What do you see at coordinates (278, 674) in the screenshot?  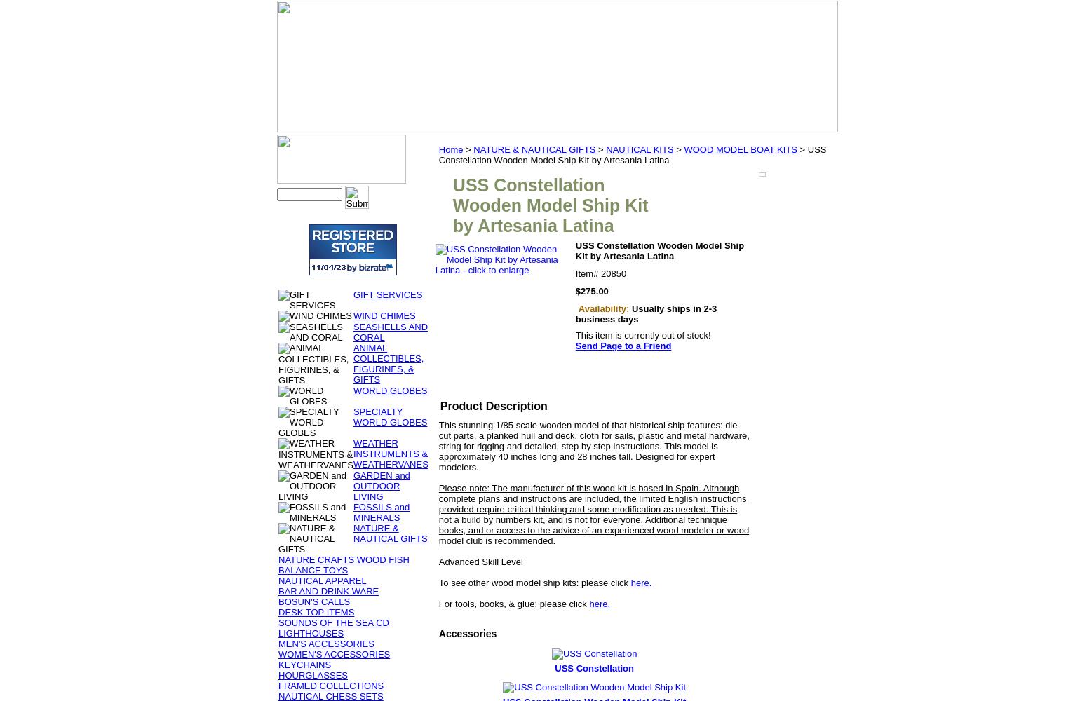 I see `'HOURGLASSES'` at bounding box center [278, 674].